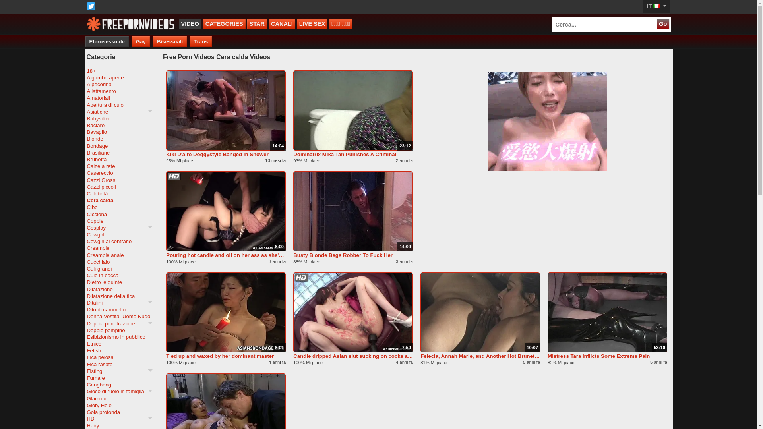  What do you see at coordinates (119, 405) in the screenshot?
I see `'Glory Hole'` at bounding box center [119, 405].